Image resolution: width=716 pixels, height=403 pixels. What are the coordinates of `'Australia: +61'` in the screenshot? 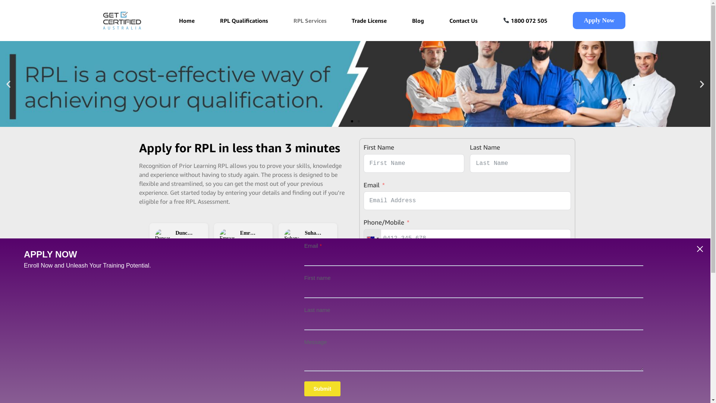 It's located at (372, 238).